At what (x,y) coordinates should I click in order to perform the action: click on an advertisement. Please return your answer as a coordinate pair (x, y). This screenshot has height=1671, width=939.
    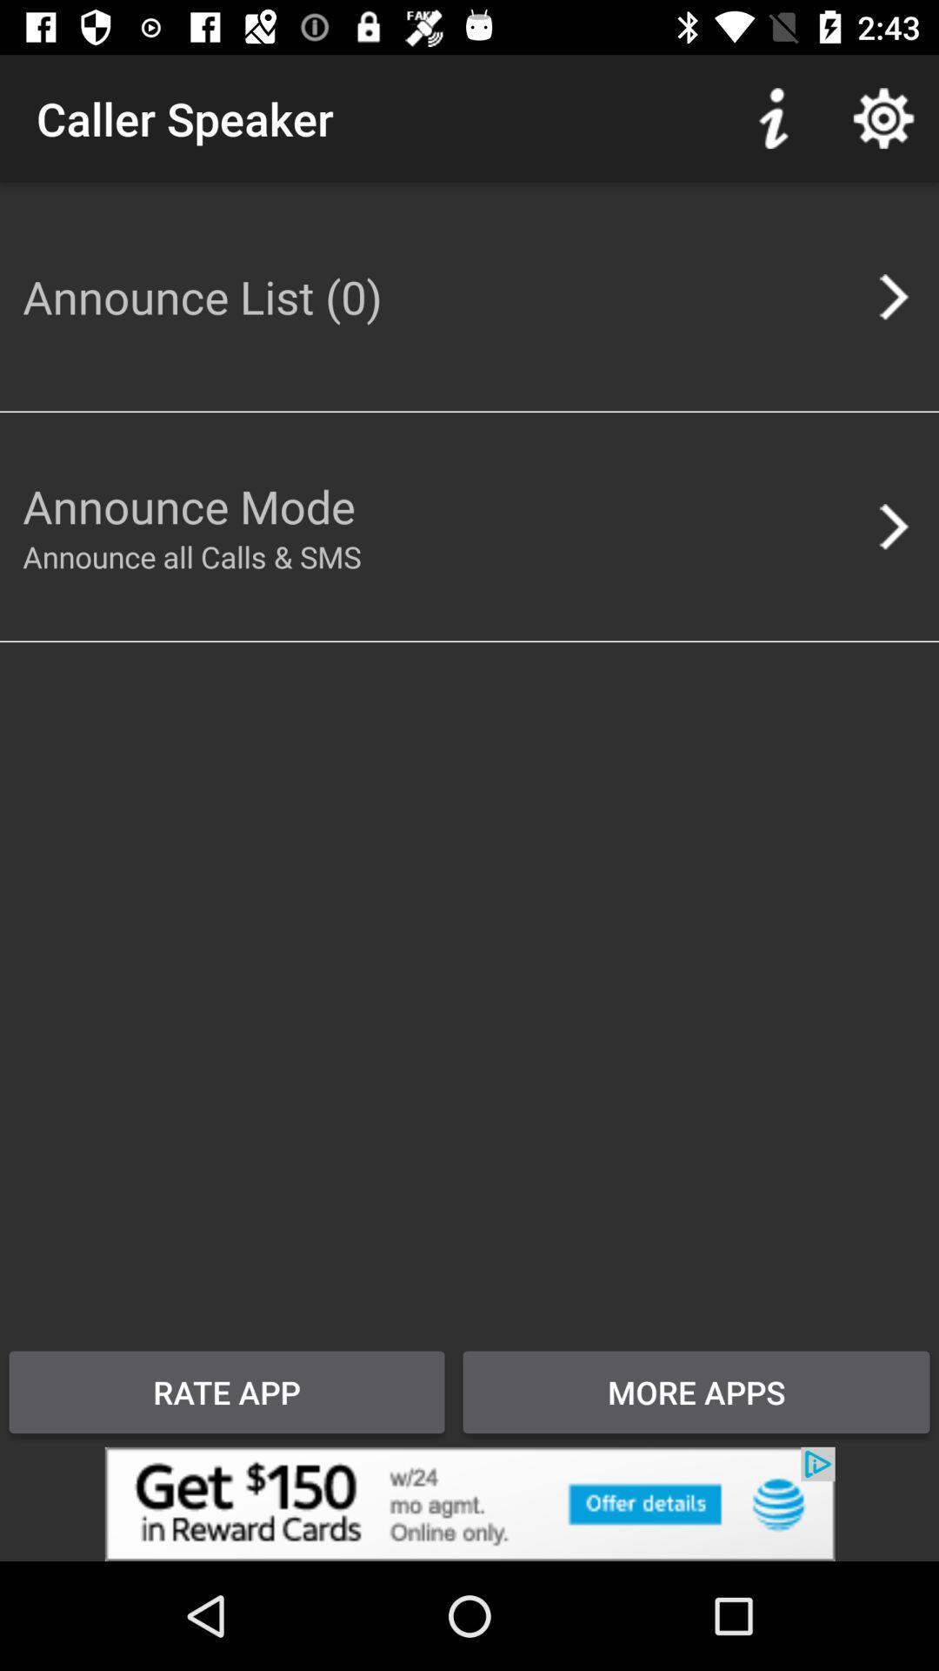
    Looking at the image, I should click on (469, 1503).